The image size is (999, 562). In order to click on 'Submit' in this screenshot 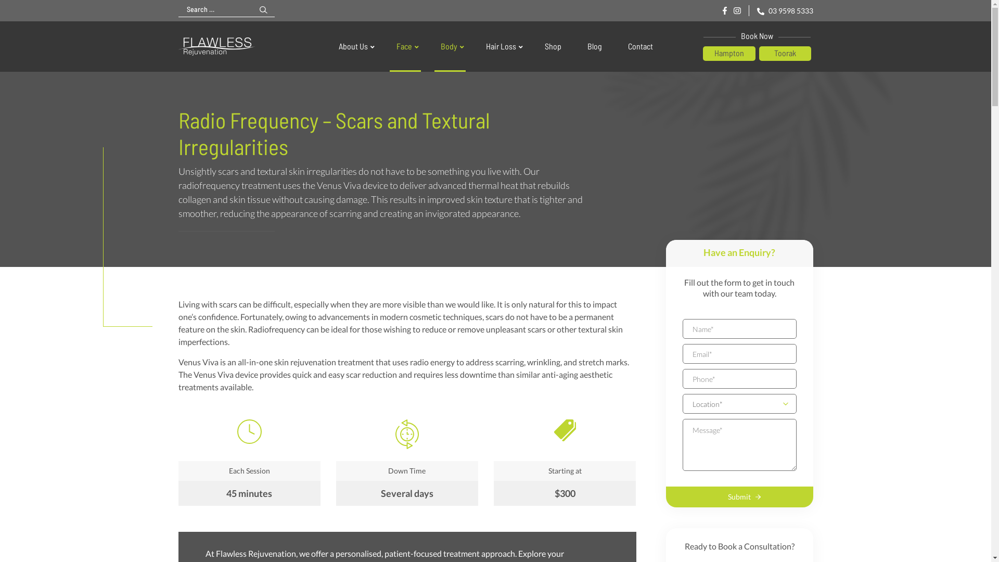, I will do `click(739, 496)`.